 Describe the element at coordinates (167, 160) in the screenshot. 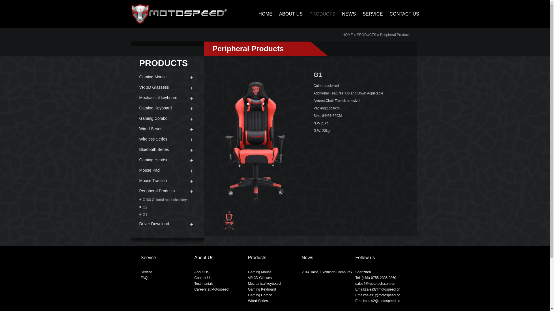

I see `'Gaming Headset'` at that location.